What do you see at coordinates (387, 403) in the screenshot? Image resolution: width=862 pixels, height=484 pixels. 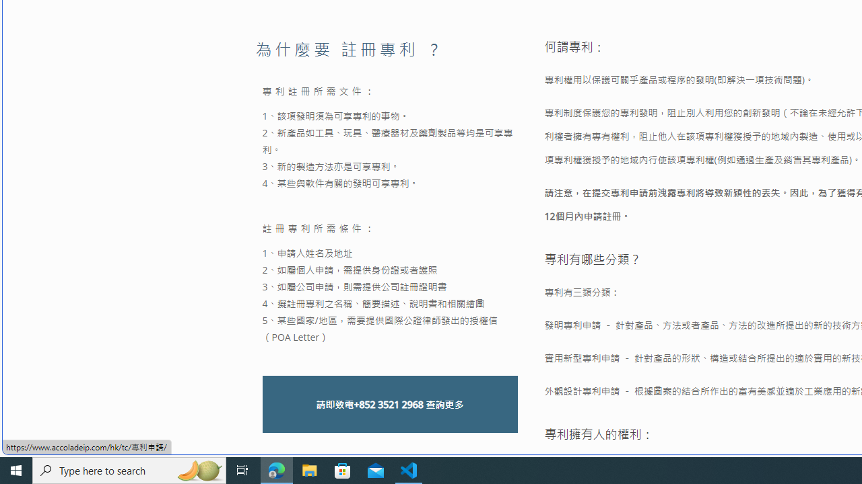 I see `'+852 3521 2968'` at bounding box center [387, 403].